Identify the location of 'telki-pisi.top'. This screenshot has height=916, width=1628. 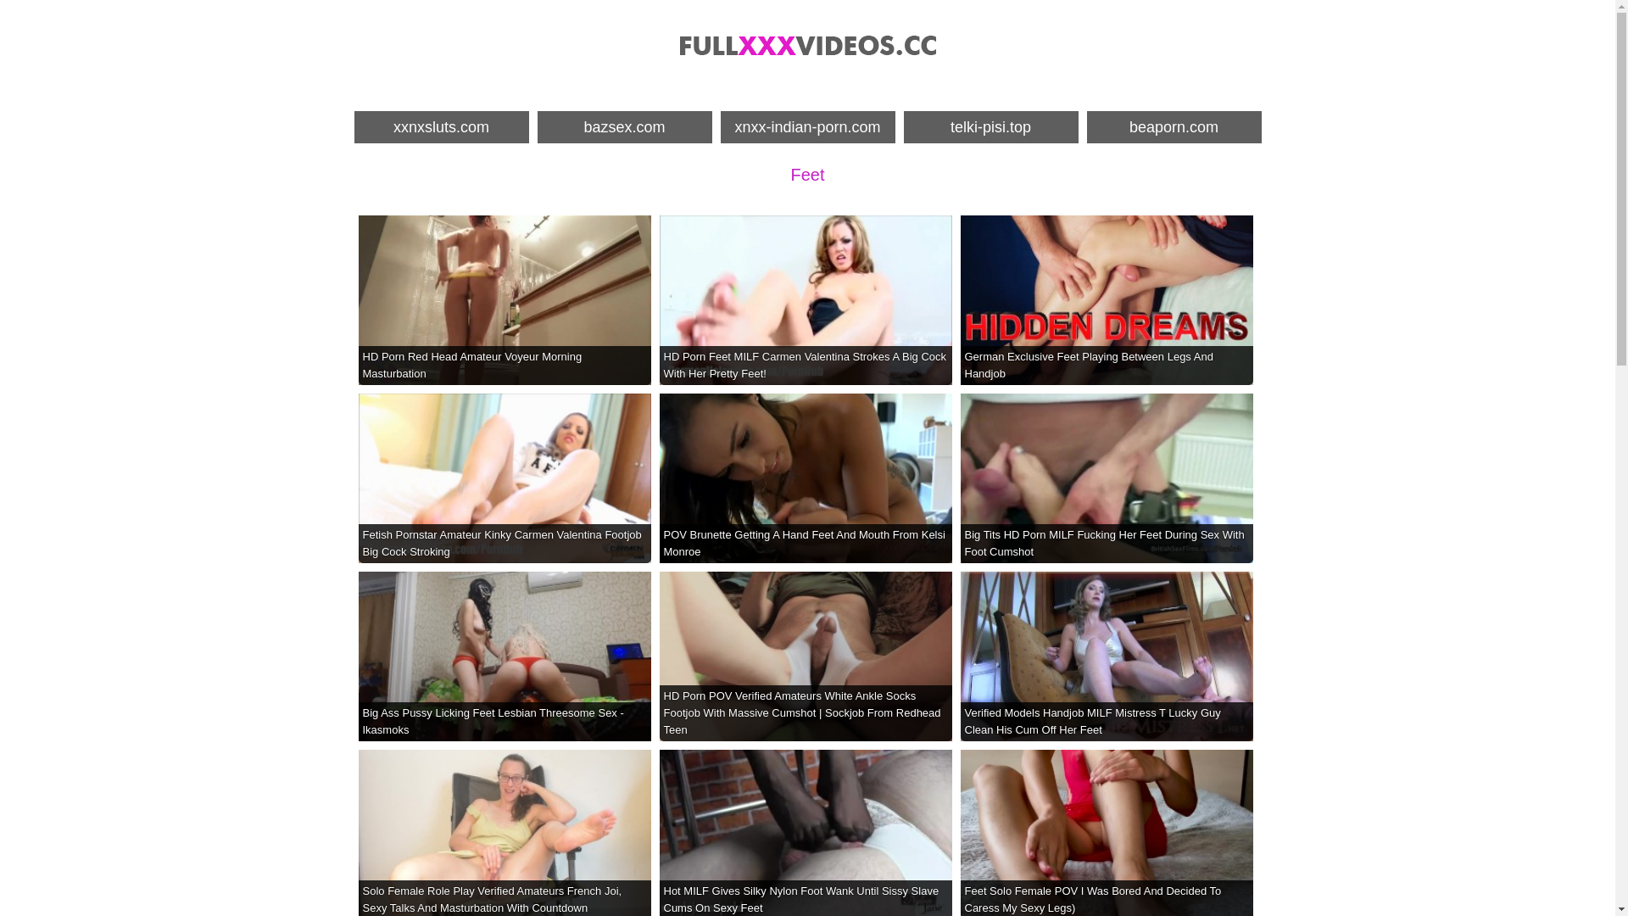
(991, 126).